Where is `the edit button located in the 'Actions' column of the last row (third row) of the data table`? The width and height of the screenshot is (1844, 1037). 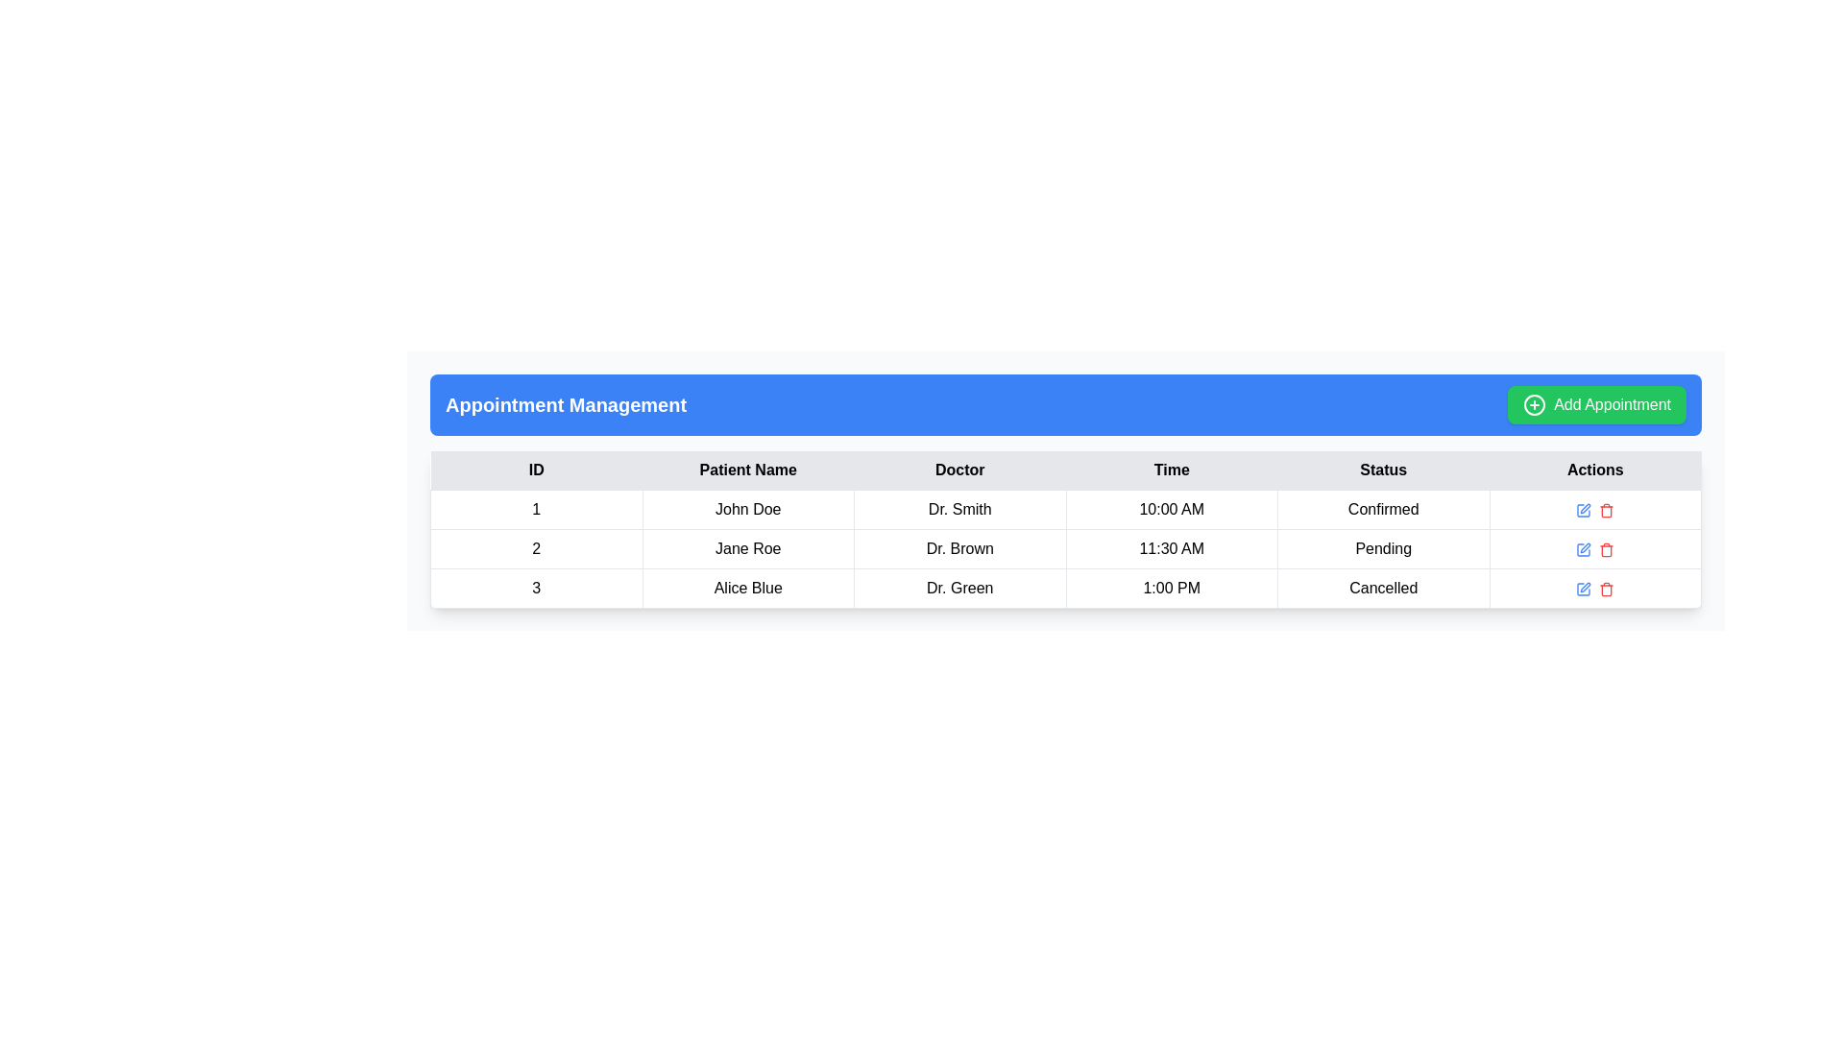
the edit button located in the 'Actions' column of the last row (third row) of the data table is located at coordinates (1584, 588).